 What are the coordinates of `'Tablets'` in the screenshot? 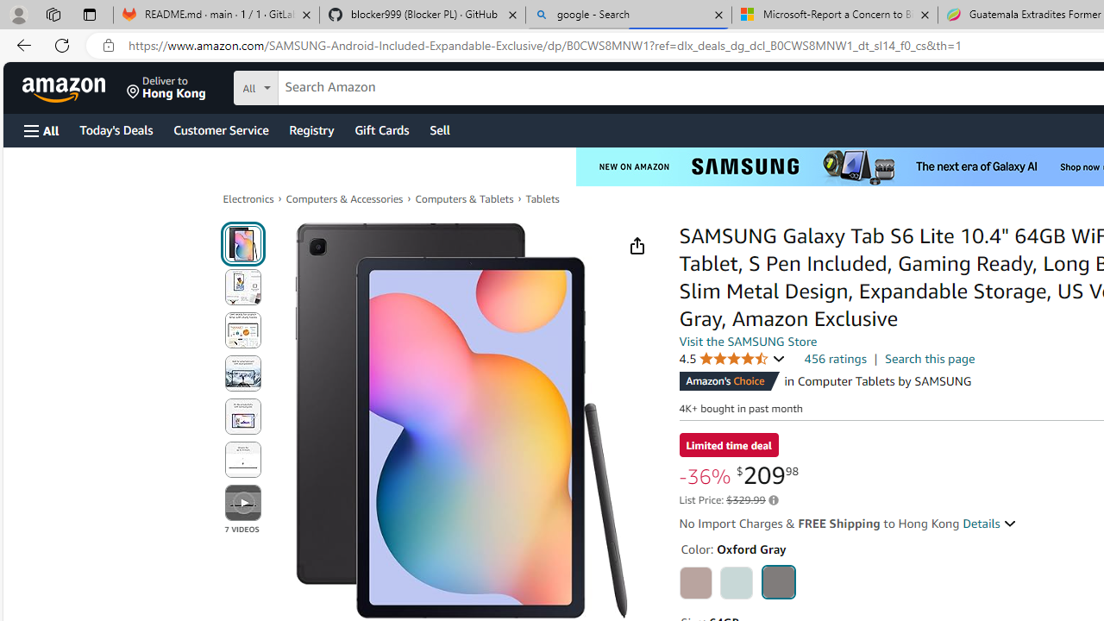 It's located at (542, 198).